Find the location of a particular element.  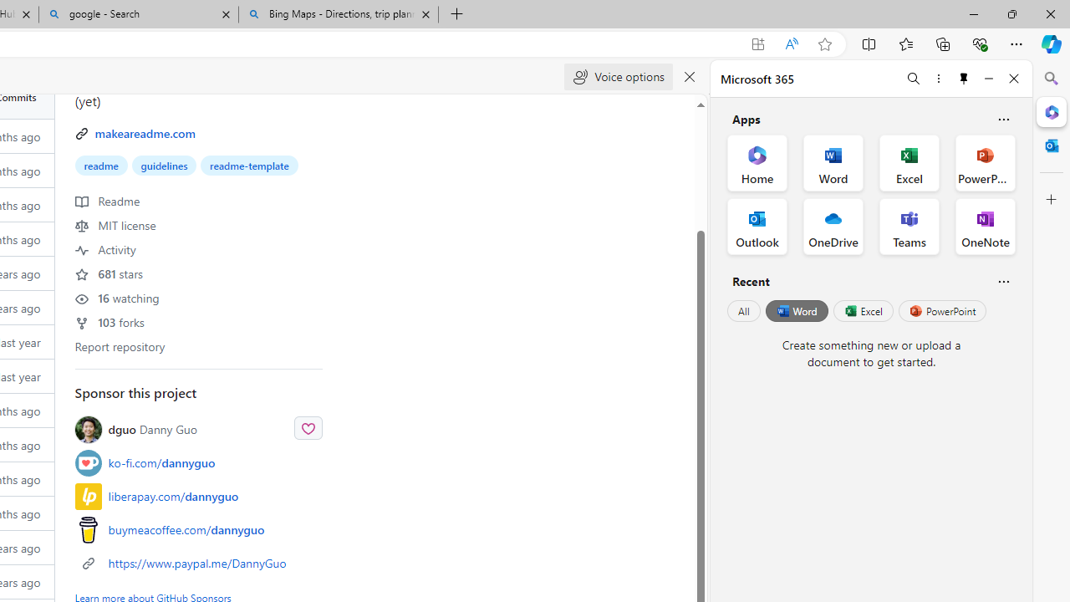

'Home Office App' is located at coordinates (757, 163).